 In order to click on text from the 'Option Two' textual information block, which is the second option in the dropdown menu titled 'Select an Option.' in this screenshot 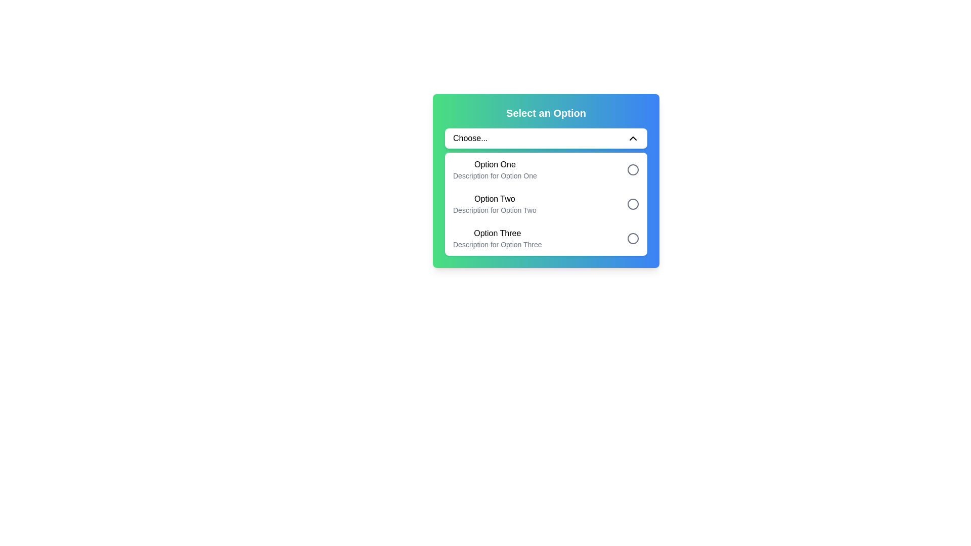, I will do `click(495, 204)`.